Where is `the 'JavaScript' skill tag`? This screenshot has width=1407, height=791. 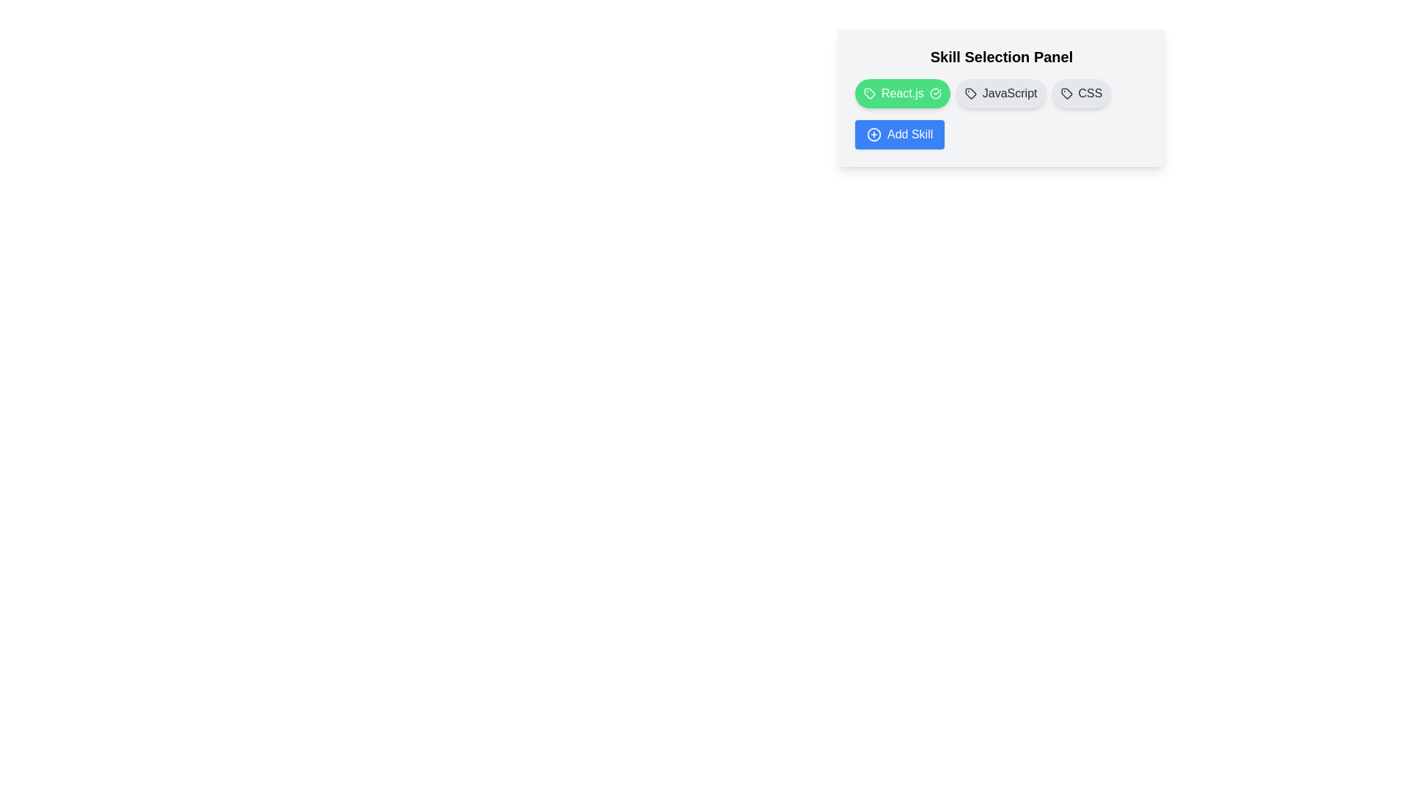
the 'JavaScript' skill tag is located at coordinates (1008, 93).